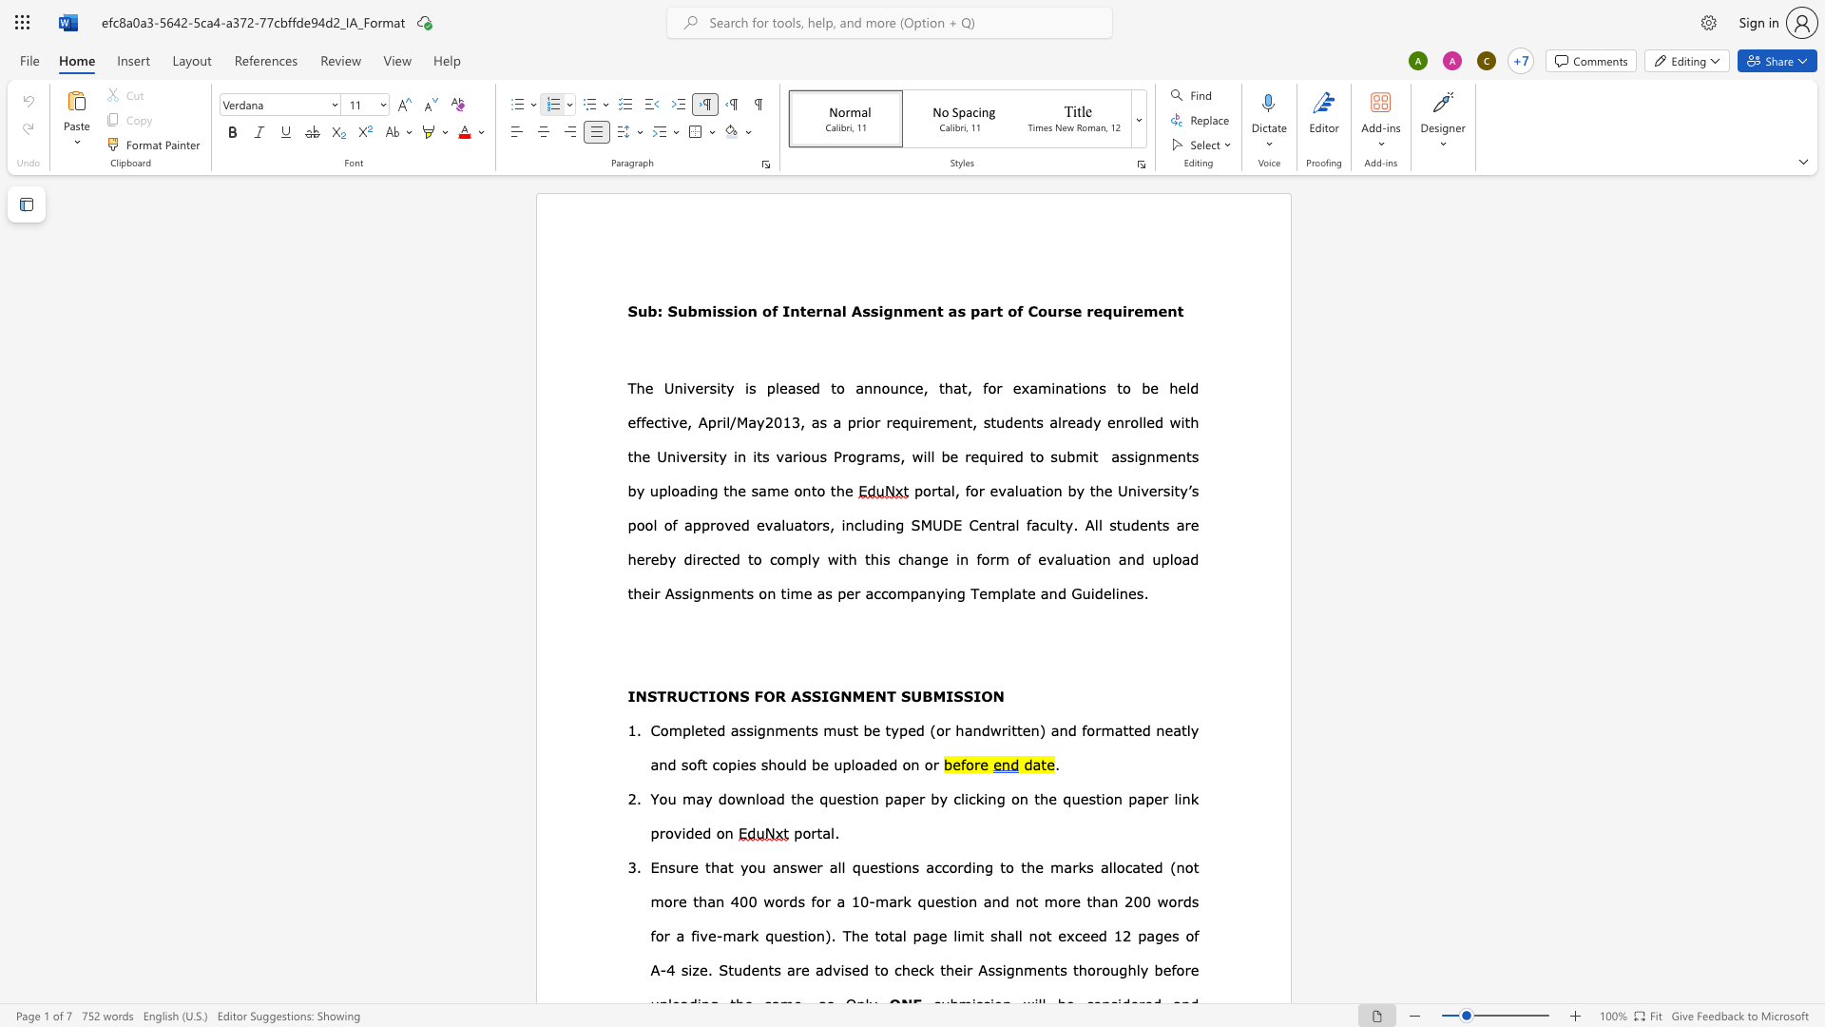  What do you see at coordinates (859, 901) in the screenshot?
I see `the space between the continuous character "1" and "0" in the text` at bounding box center [859, 901].